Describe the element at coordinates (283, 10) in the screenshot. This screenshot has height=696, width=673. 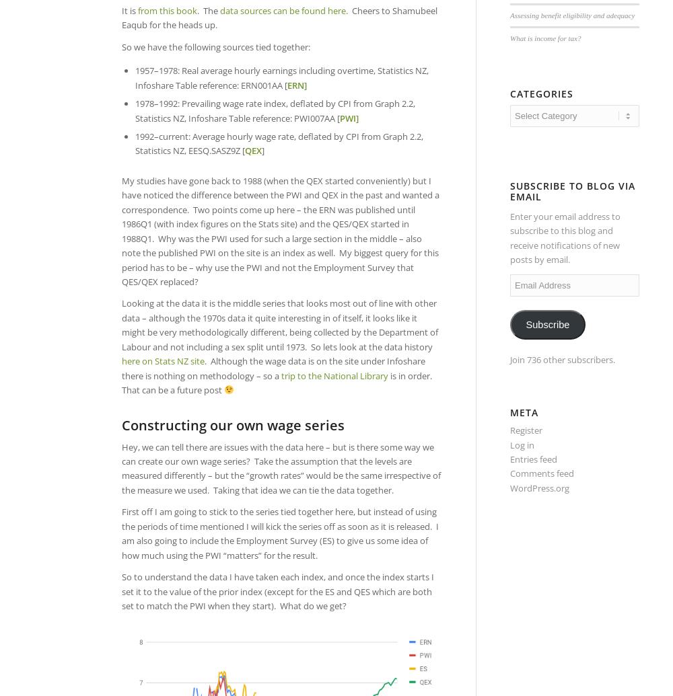
I see `'data sources can be found here'` at that location.